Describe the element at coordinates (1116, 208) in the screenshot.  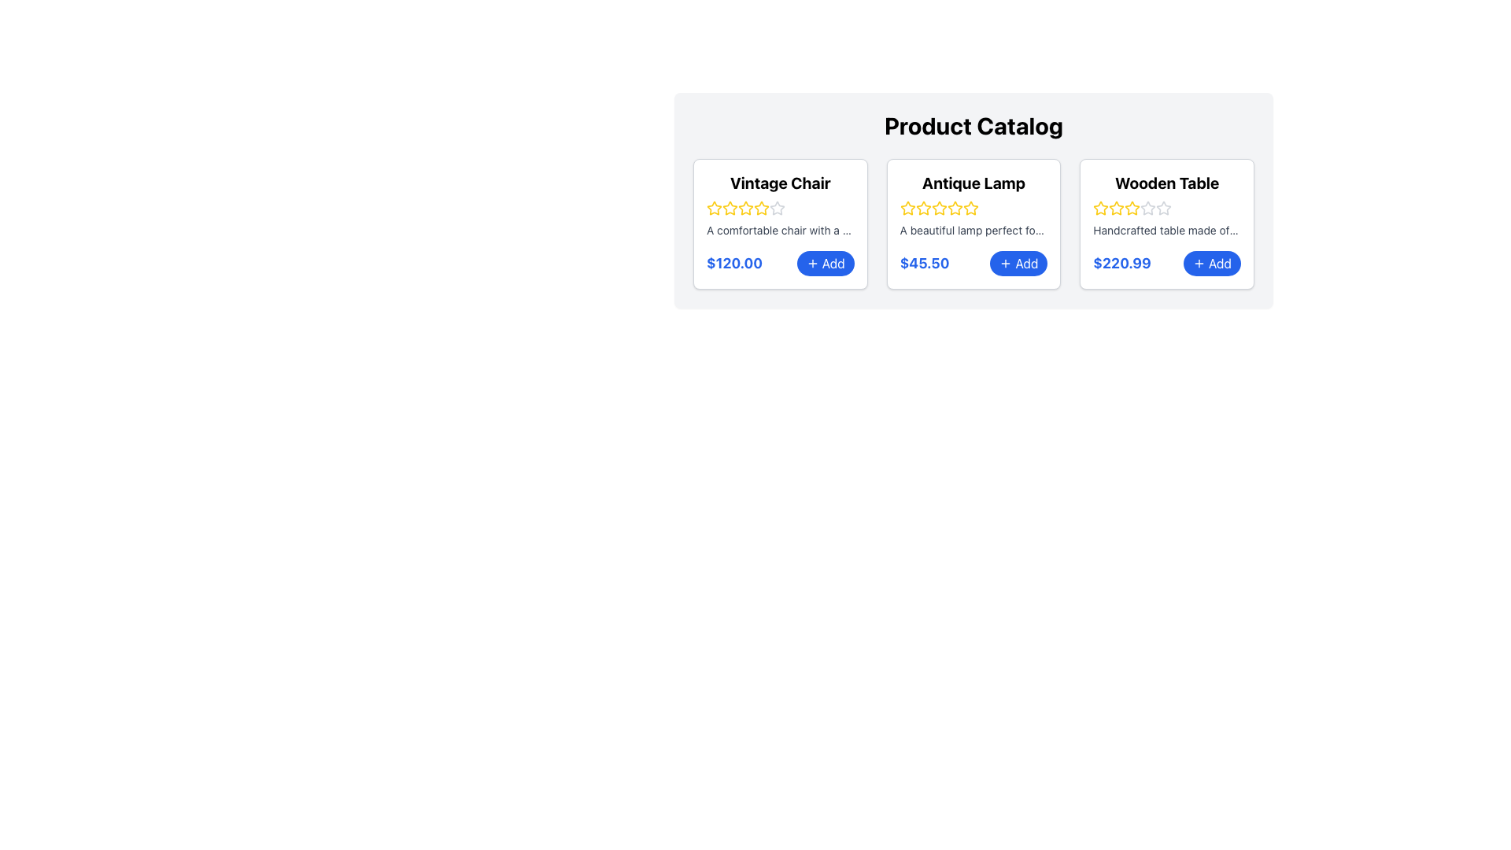
I see `the second filled star icon in the rating component for the Wooden Table product card in the Product Catalog` at that location.